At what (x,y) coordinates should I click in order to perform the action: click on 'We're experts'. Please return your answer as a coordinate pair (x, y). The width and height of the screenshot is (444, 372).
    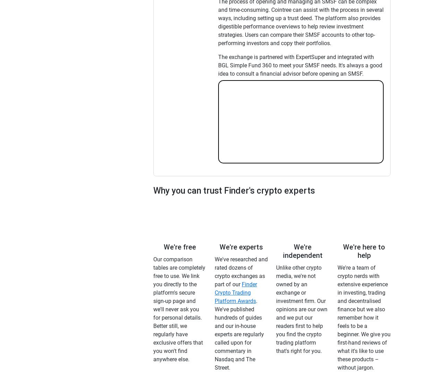
    Looking at the image, I should click on (241, 247).